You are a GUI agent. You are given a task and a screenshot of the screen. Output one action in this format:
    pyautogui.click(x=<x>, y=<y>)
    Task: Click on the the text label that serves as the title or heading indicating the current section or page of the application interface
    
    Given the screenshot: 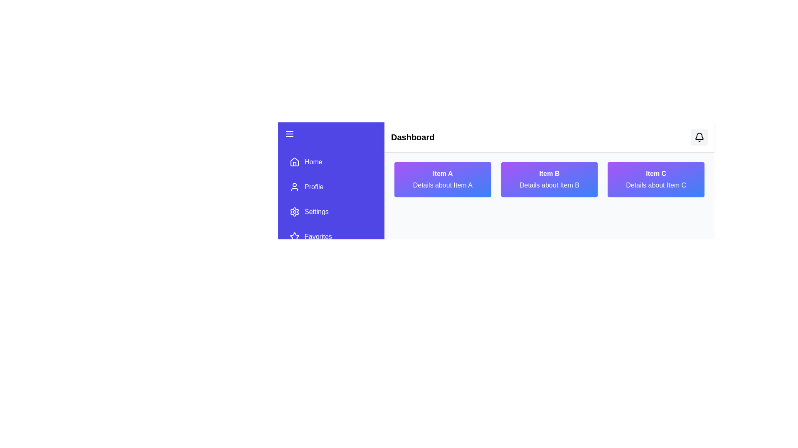 What is the action you would take?
    pyautogui.click(x=413, y=137)
    